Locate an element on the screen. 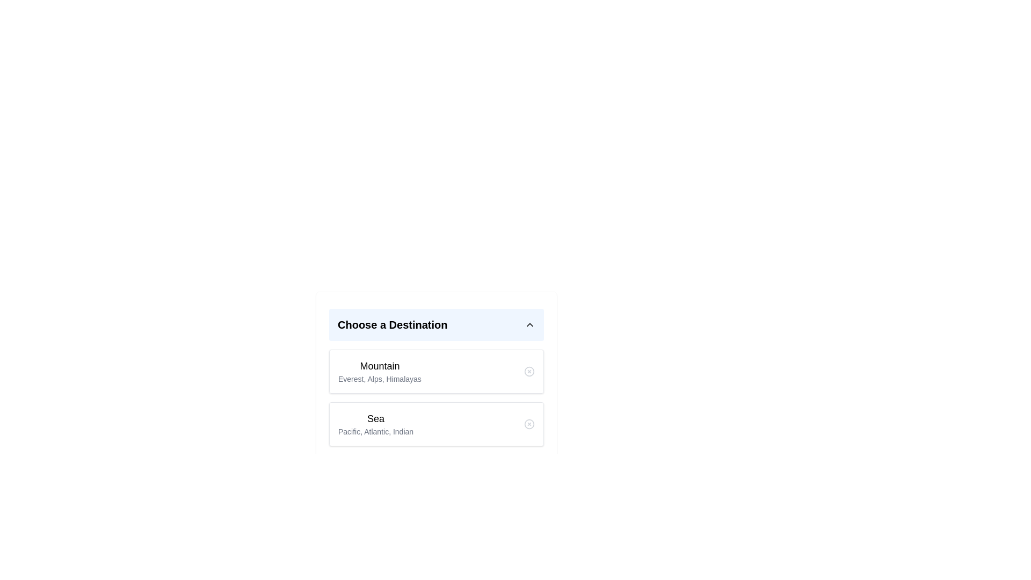  text content from the label element that displays 'Mountain' in bold and 'Everest, Alps, Himalayas' in a lighter font, located within the 'Choose a Destination' group is located at coordinates (380, 371).